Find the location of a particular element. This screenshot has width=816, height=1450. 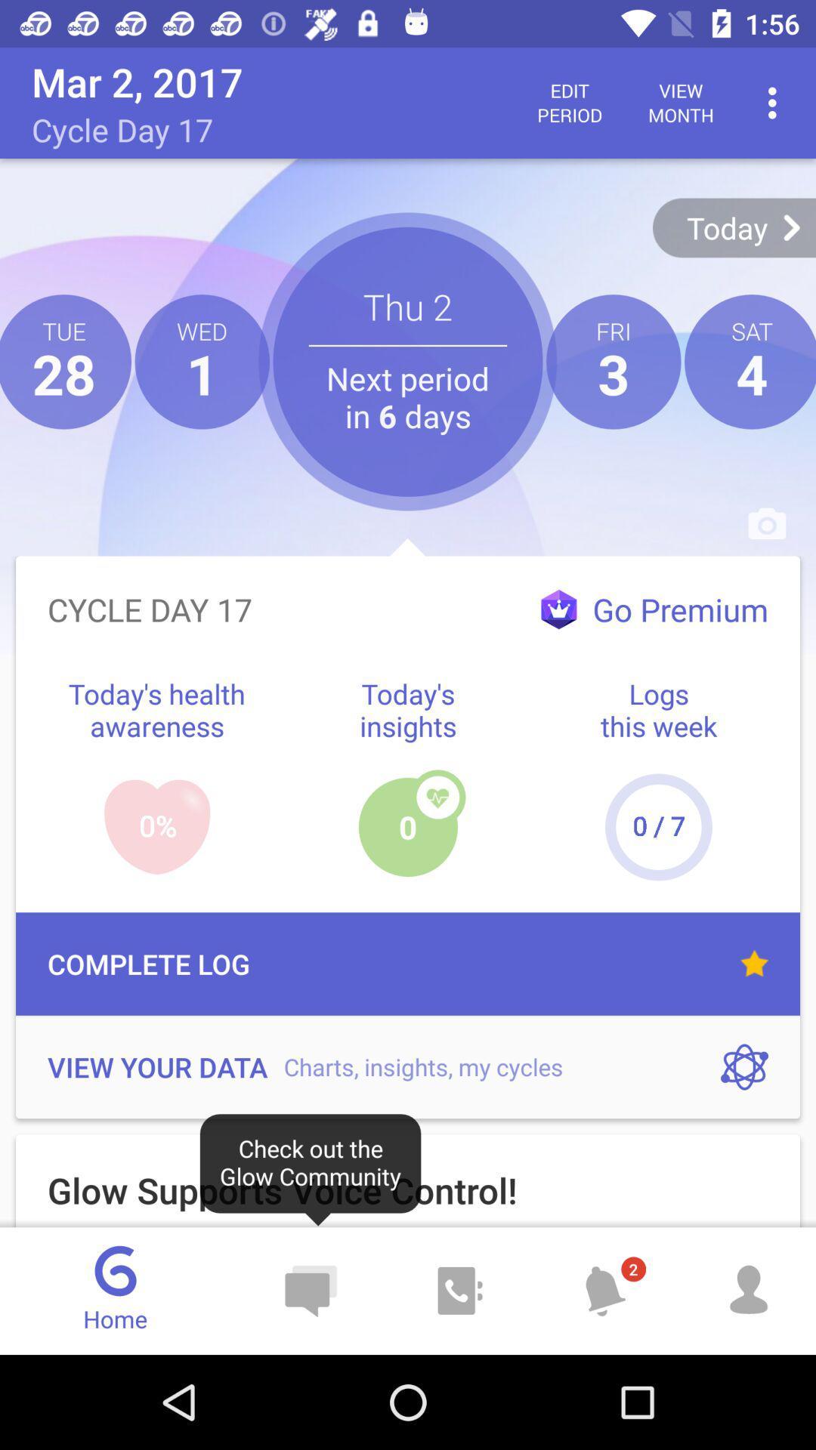

the text above logs this week is located at coordinates (654, 609).